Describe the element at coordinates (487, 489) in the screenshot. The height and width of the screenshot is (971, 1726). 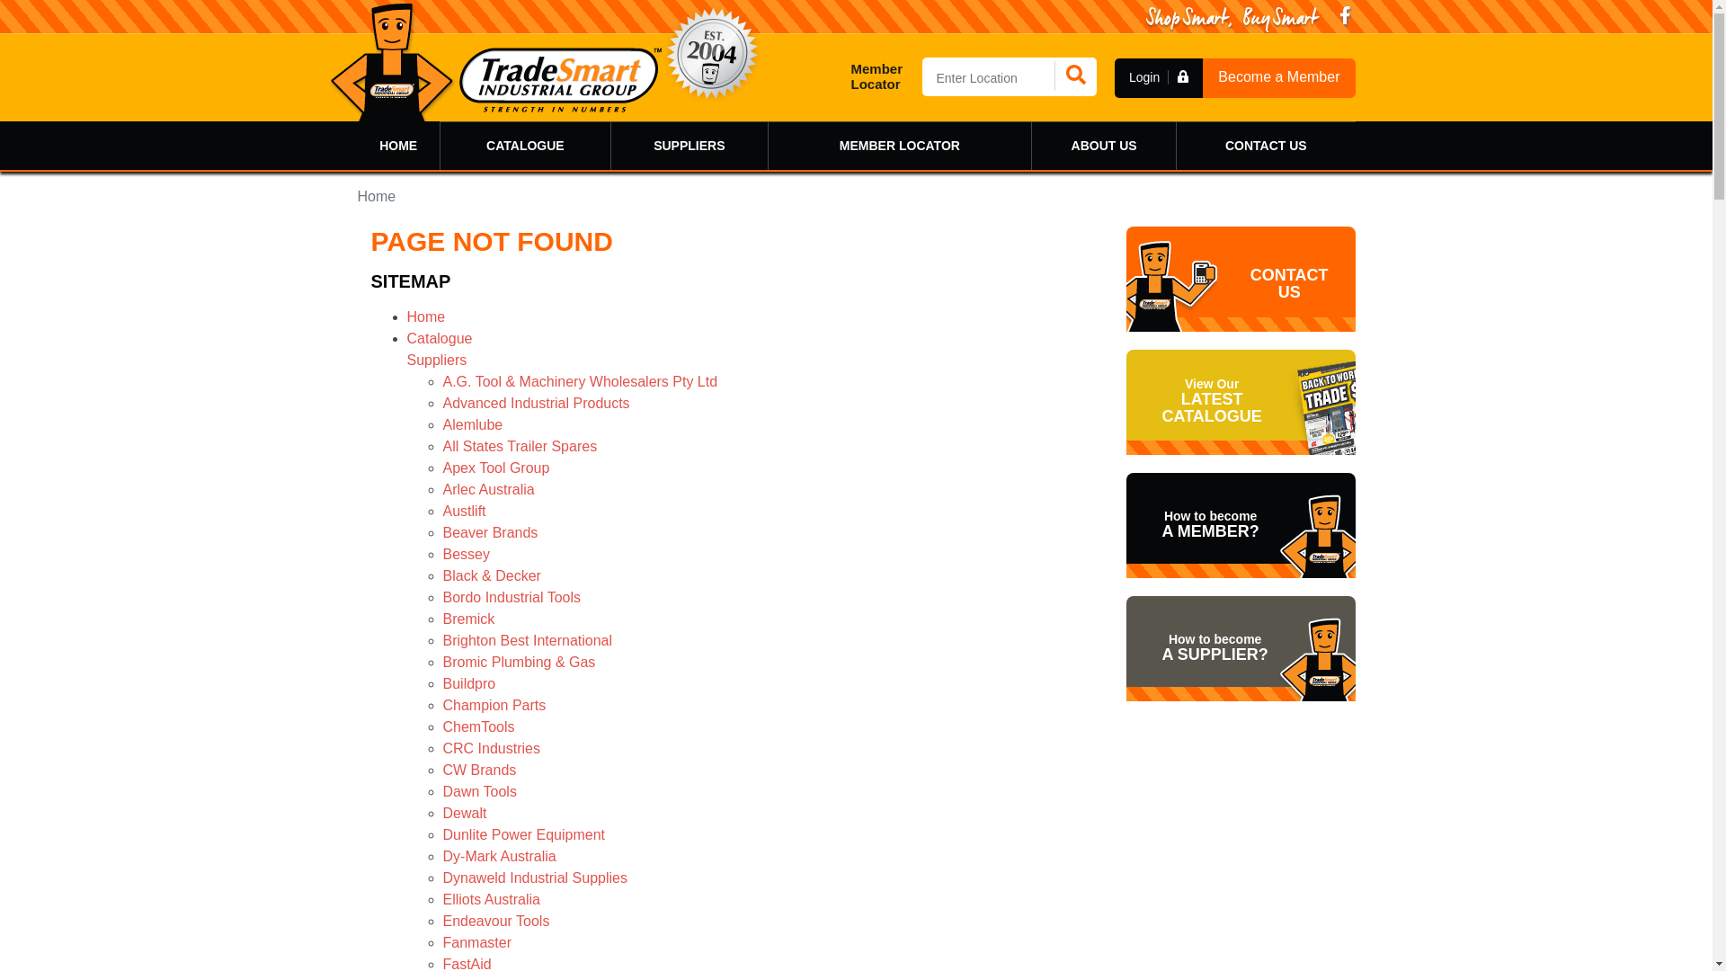
I see `'Arlec Australia'` at that location.